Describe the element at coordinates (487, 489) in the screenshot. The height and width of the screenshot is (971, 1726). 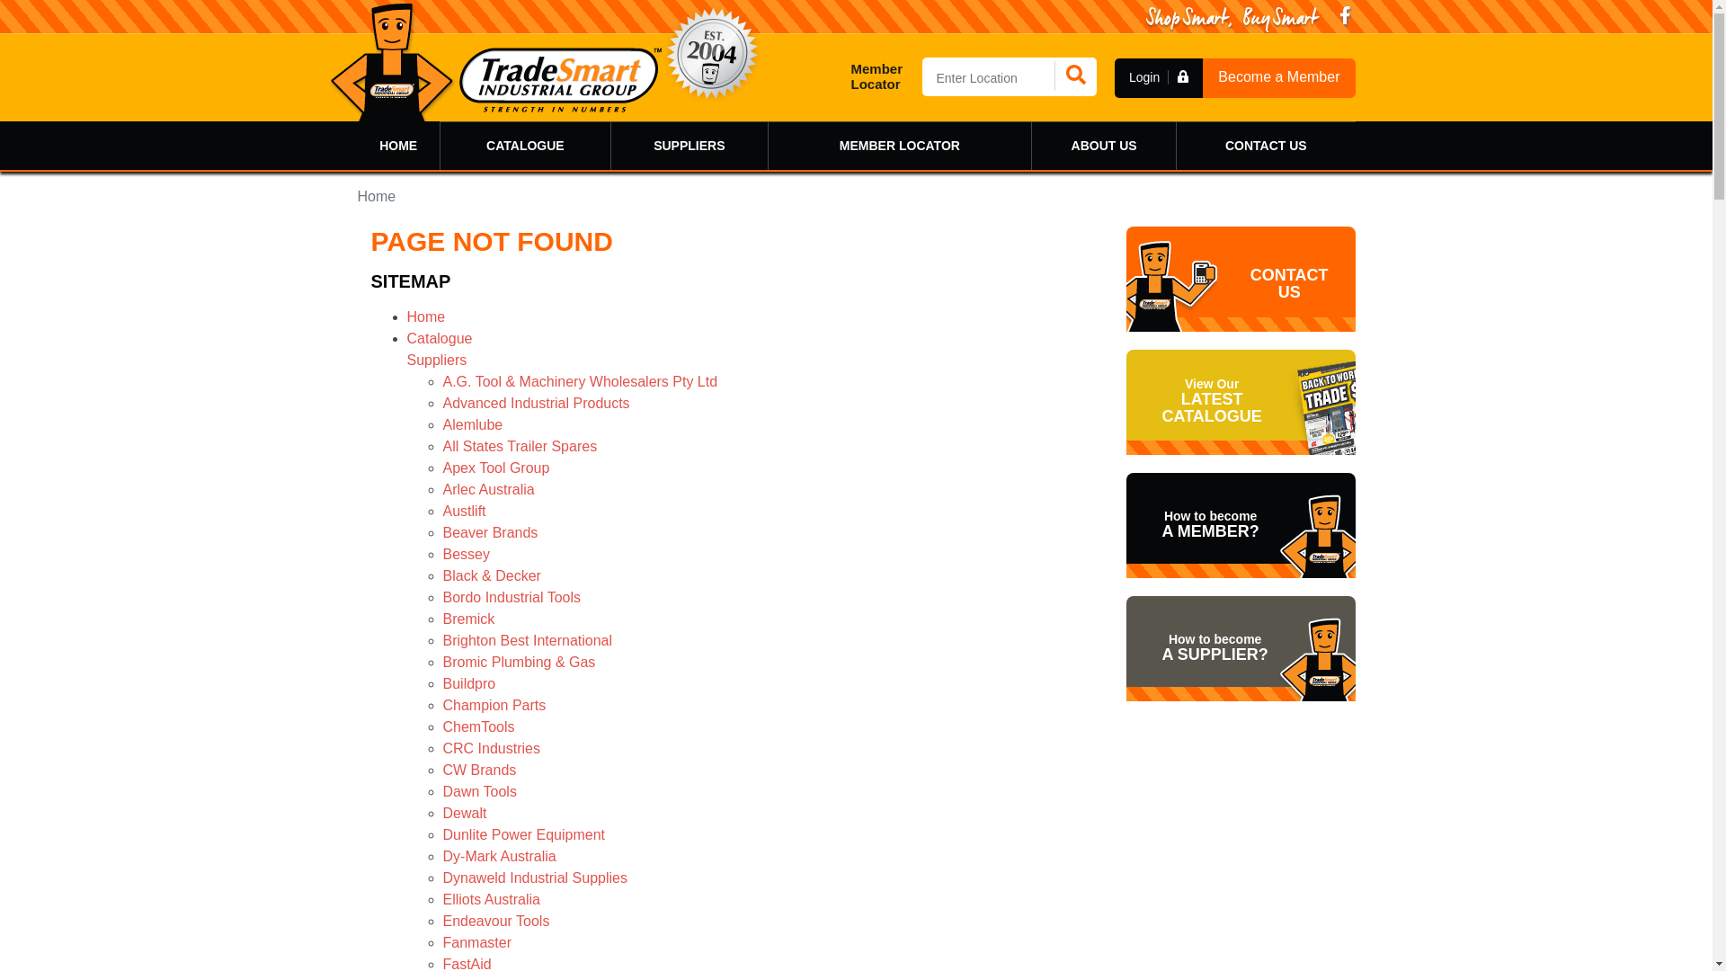
I see `'Arlec Australia'` at that location.